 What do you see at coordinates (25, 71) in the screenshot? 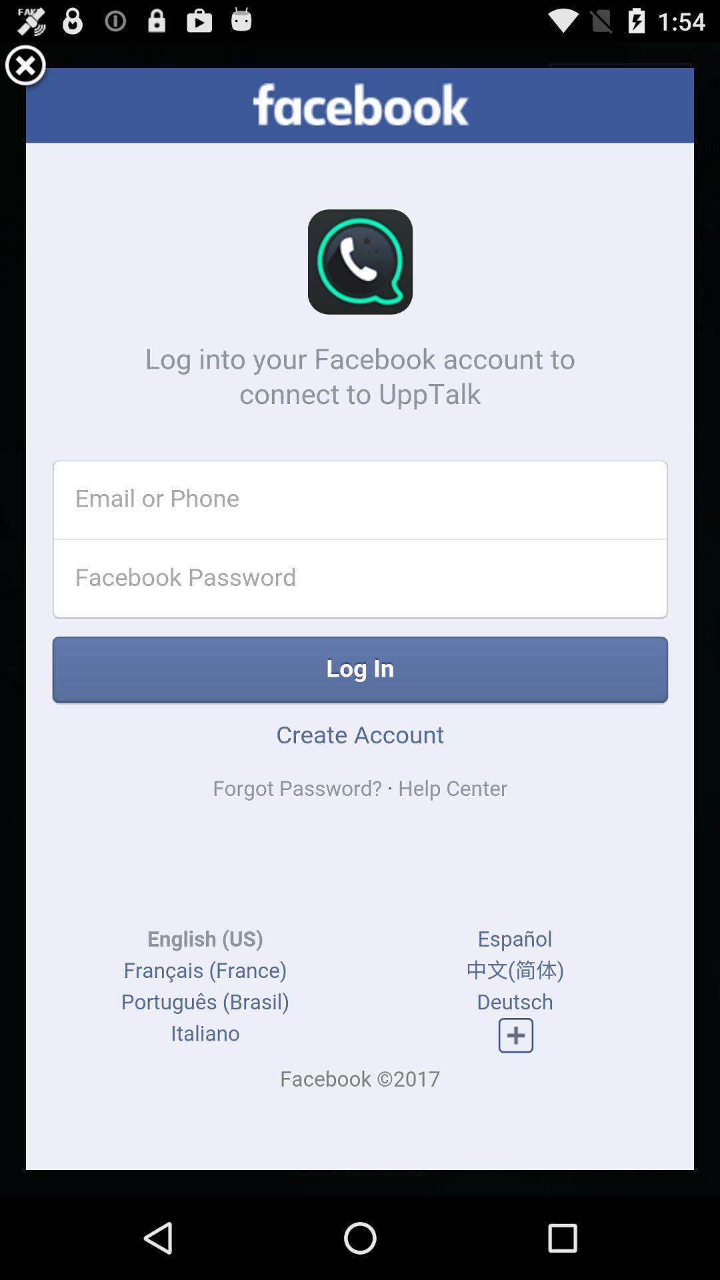
I see `the close icon` at bounding box center [25, 71].